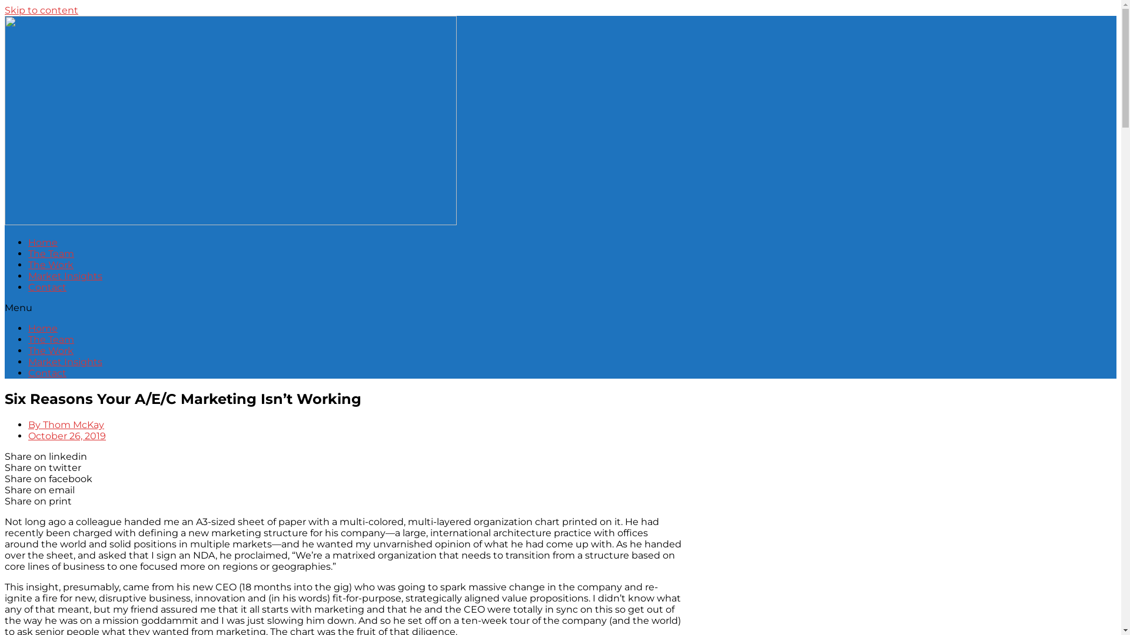 This screenshot has height=635, width=1130. What do you see at coordinates (41, 10) in the screenshot?
I see `'Skip to content'` at bounding box center [41, 10].